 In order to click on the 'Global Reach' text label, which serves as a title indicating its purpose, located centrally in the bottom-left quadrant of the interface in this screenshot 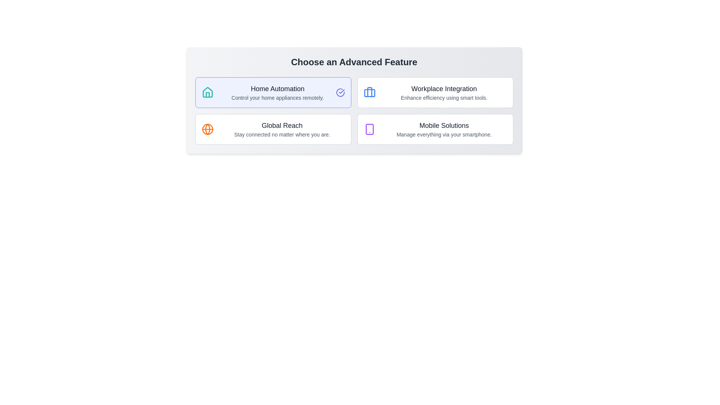, I will do `click(282, 125)`.